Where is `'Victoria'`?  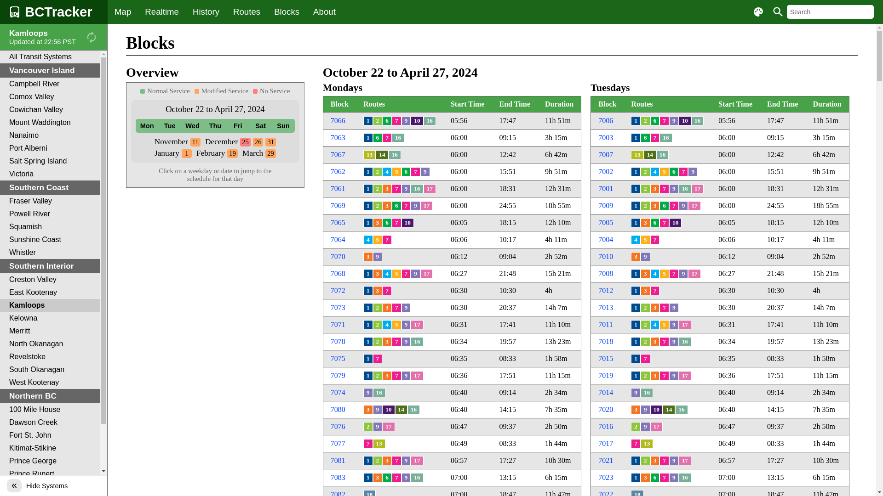 'Victoria' is located at coordinates (50, 174).